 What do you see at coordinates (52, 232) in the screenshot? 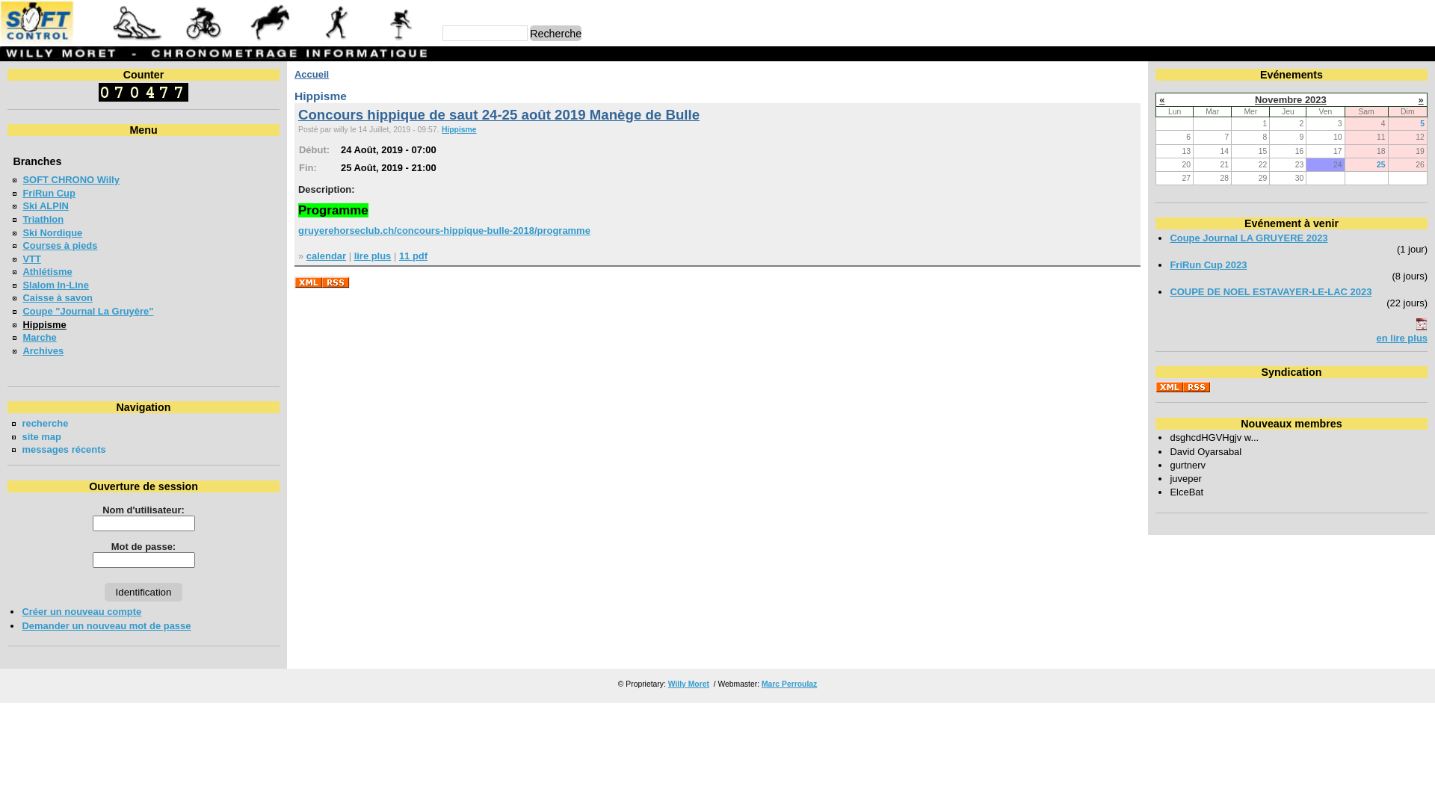
I see `'Ski Nordique'` at bounding box center [52, 232].